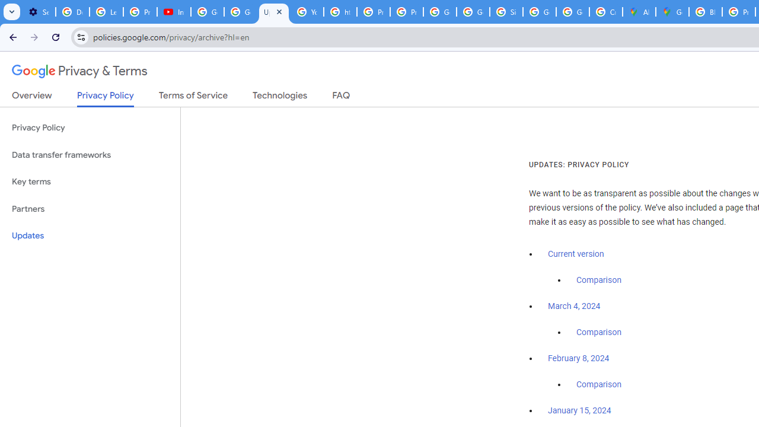 The height and width of the screenshot is (427, 759). Describe the element at coordinates (208, 12) in the screenshot. I see `'Google Account Help'` at that location.